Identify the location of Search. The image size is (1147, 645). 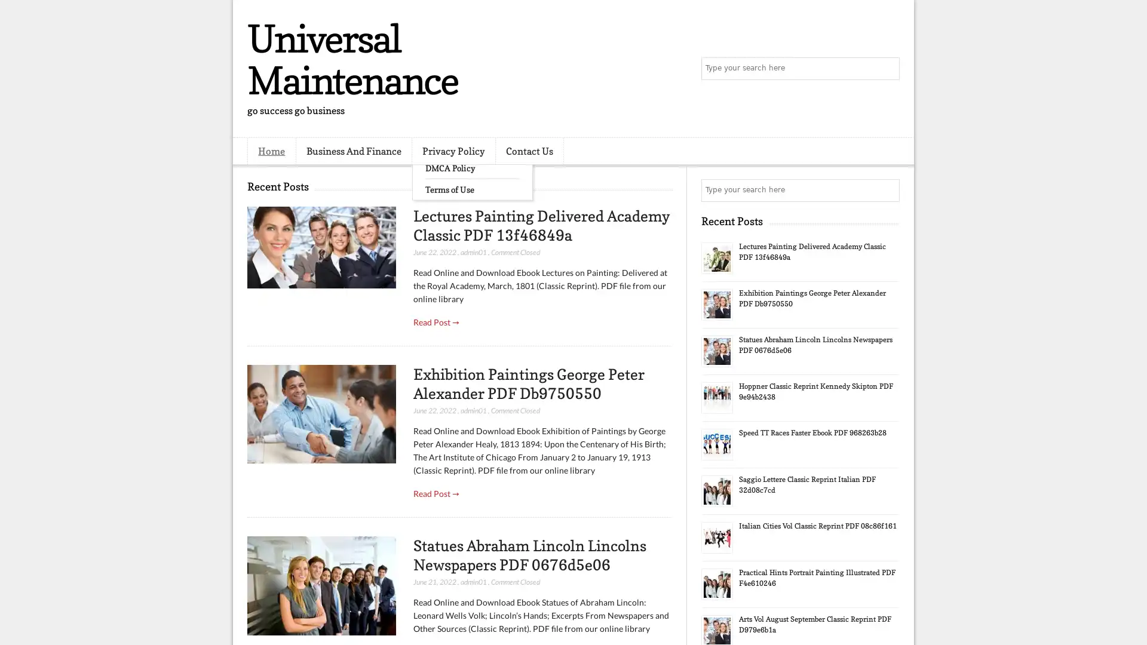
(887, 190).